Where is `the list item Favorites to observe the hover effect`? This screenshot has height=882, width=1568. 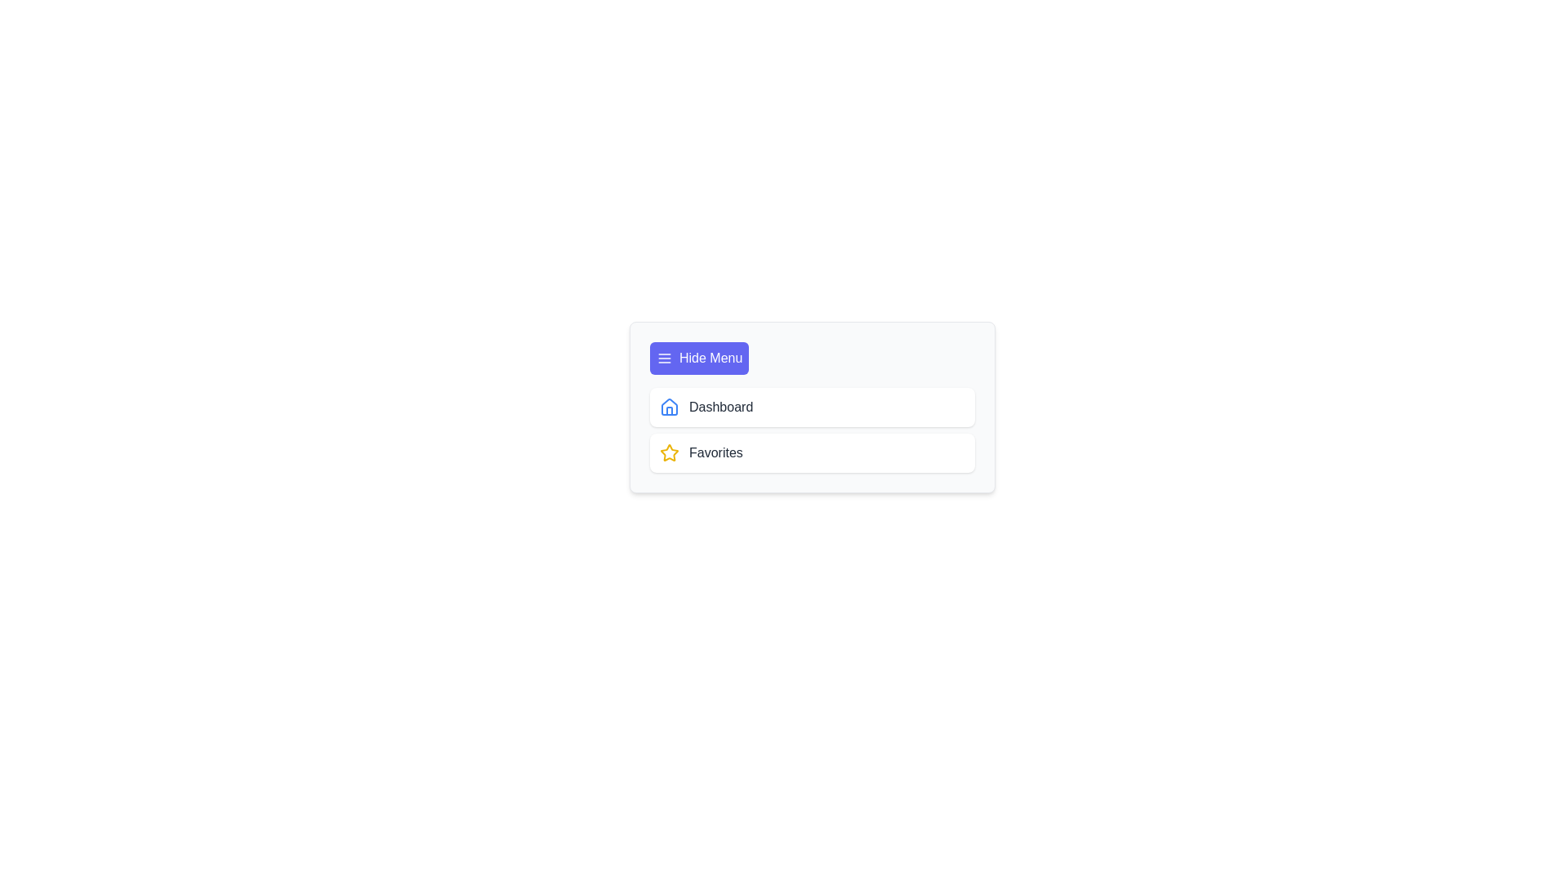 the list item Favorites to observe the hover effect is located at coordinates (812, 453).